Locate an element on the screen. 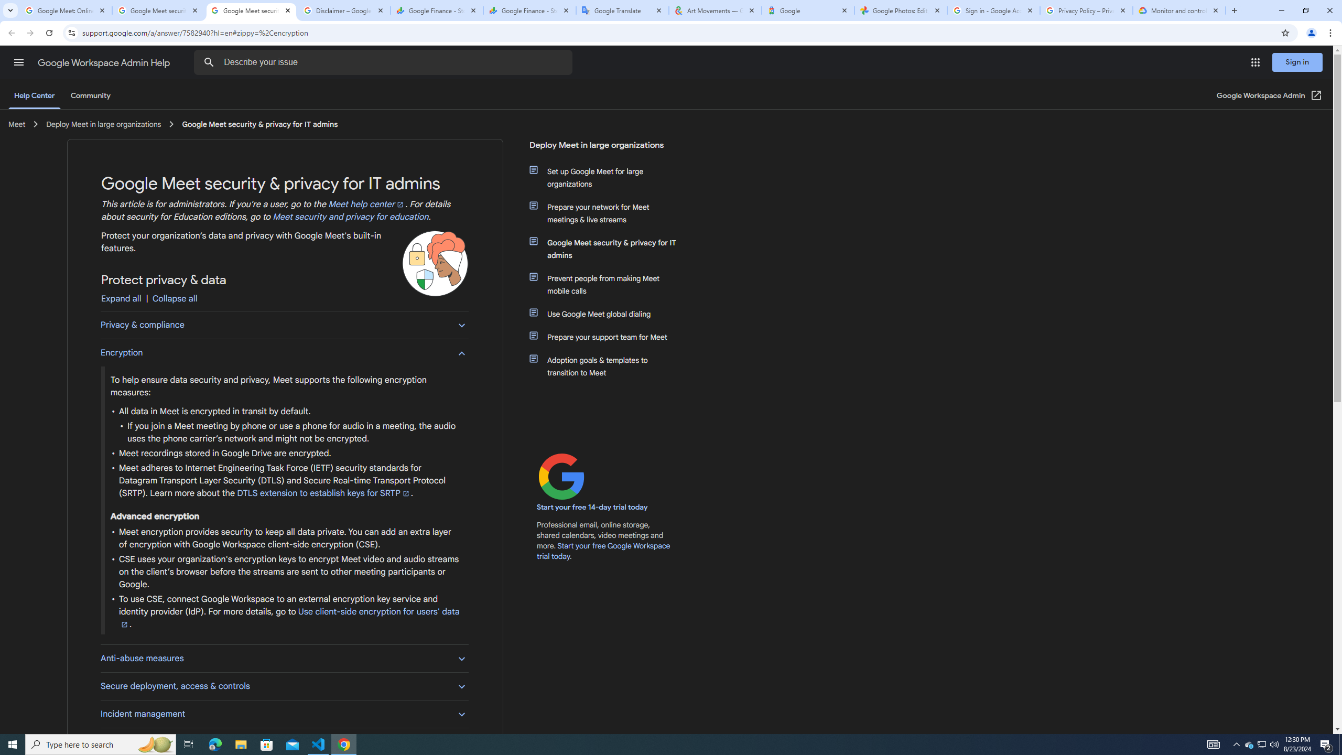 Image resolution: width=1342 pixels, height=755 pixels. 'Start your free 14-day trial today' is located at coordinates (592, 506).